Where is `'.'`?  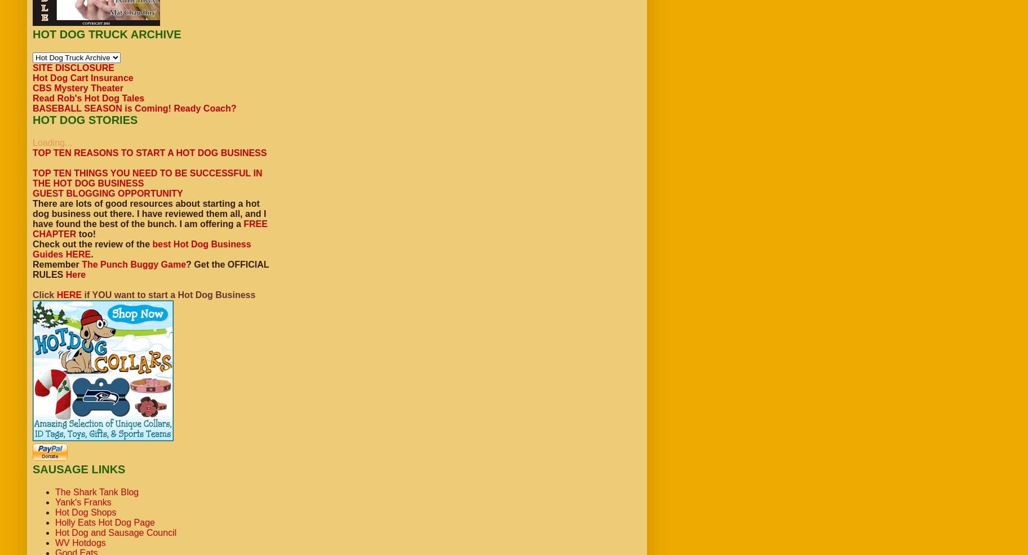 '.' is located at coordinates (91, 254).